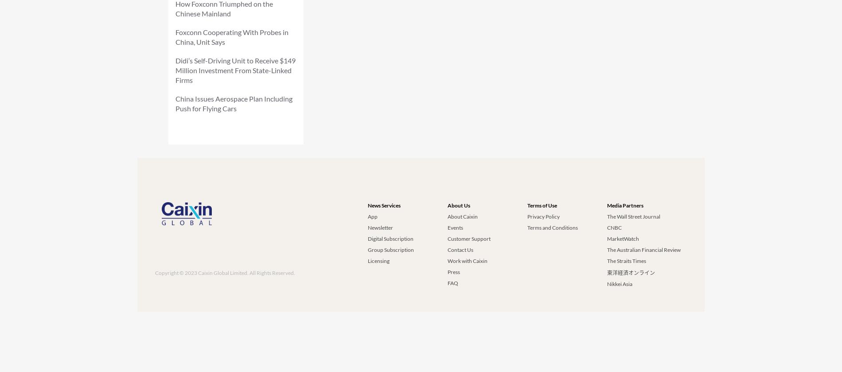 This screenshot has width=842, height=372. What do you see at coordinates (459, 205) in the screenshot?
I see `'About Us'` at bounding box center [459, 205].